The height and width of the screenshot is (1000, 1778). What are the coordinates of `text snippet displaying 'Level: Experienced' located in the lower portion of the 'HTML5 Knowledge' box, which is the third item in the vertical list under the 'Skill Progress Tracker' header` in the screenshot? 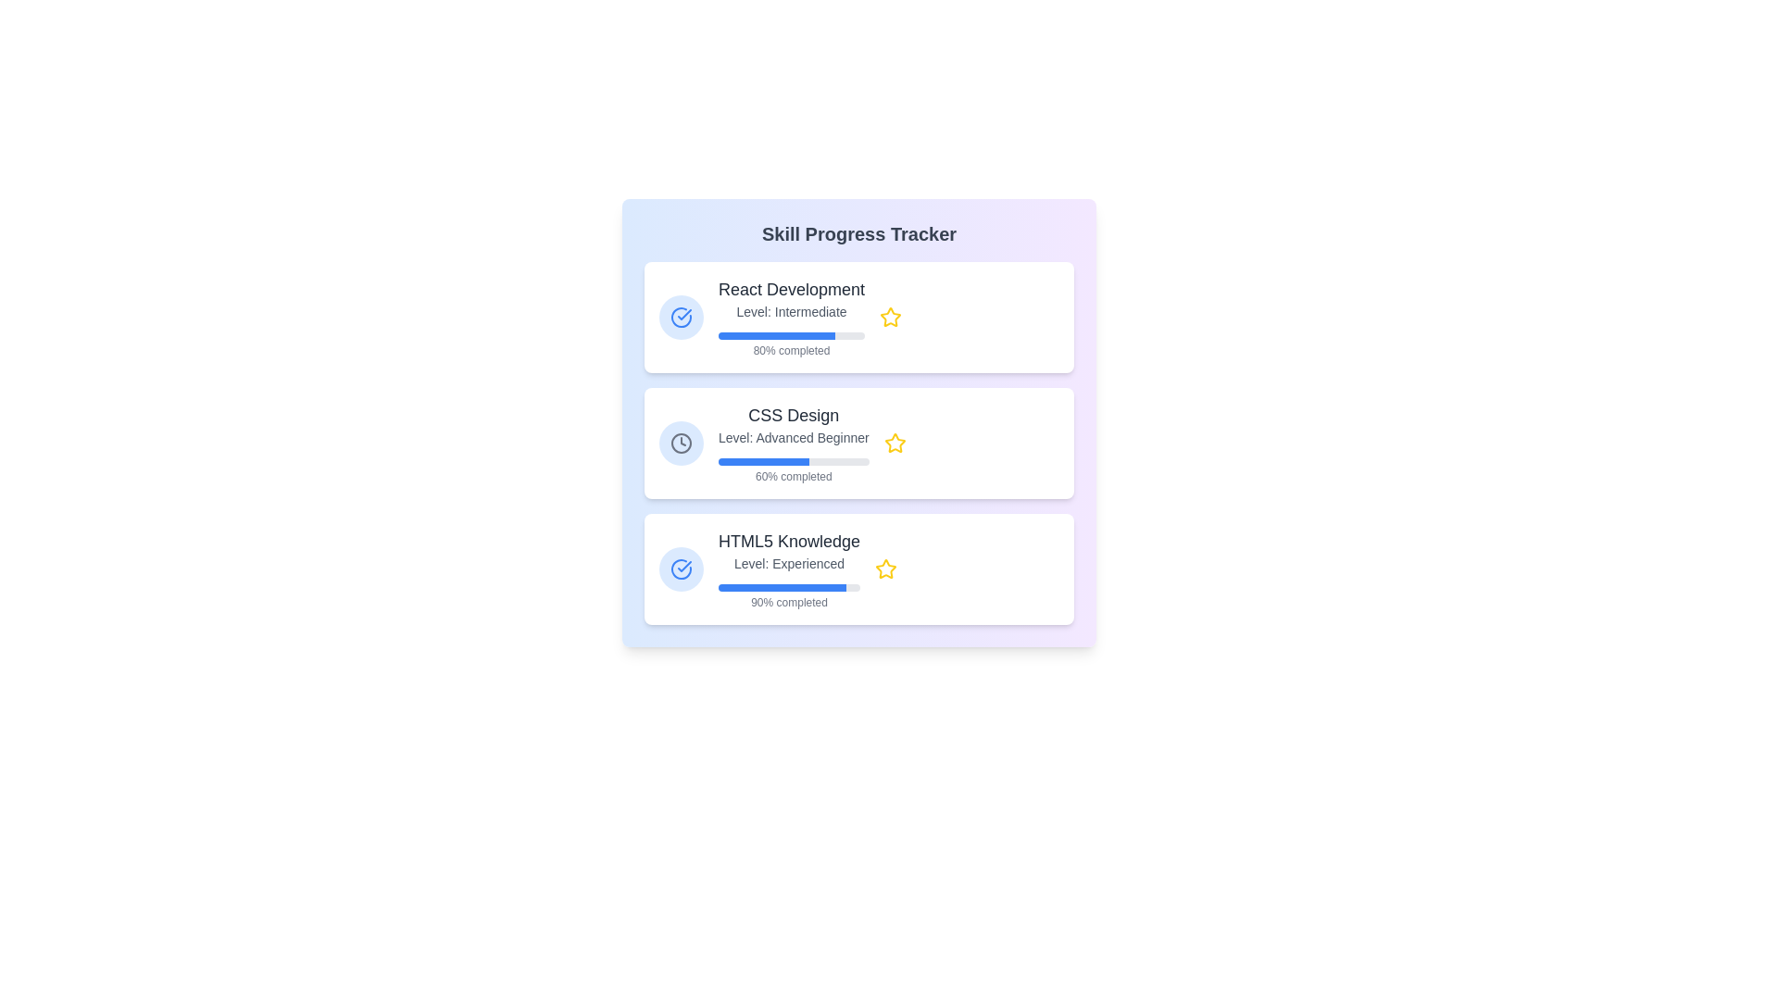 It's located at (789, 563).